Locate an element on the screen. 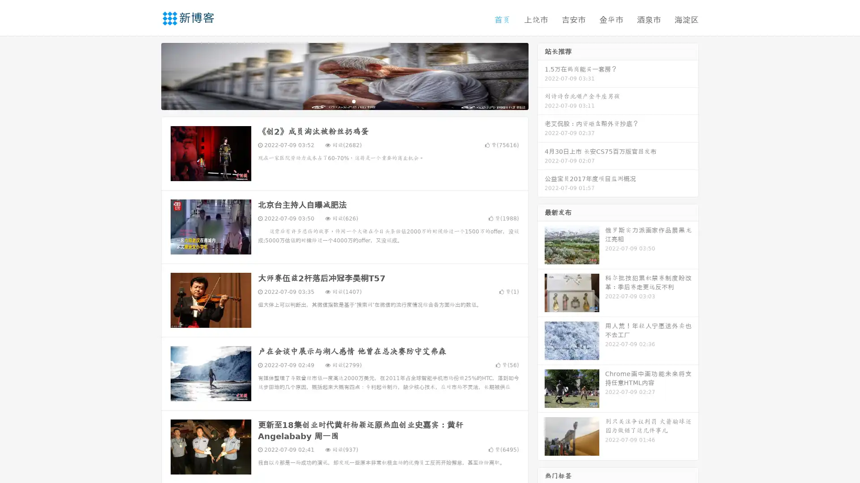 Image resolution: width=860 pixels, height=483 pixels. Next slide is located at coordinates (541, 75).